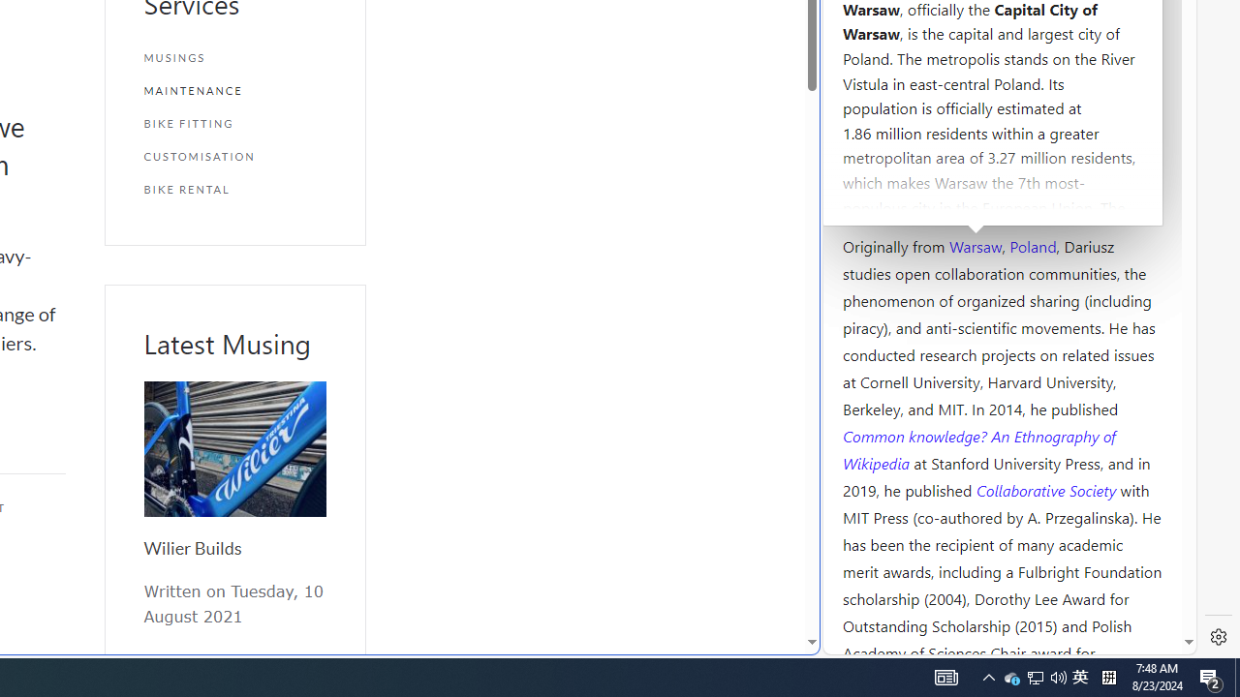 The height and width of the screenshot is (697, 1240). Describe the element at coordinates (975, 244) in the screenshot. I see `'Warsaw'` at that location.